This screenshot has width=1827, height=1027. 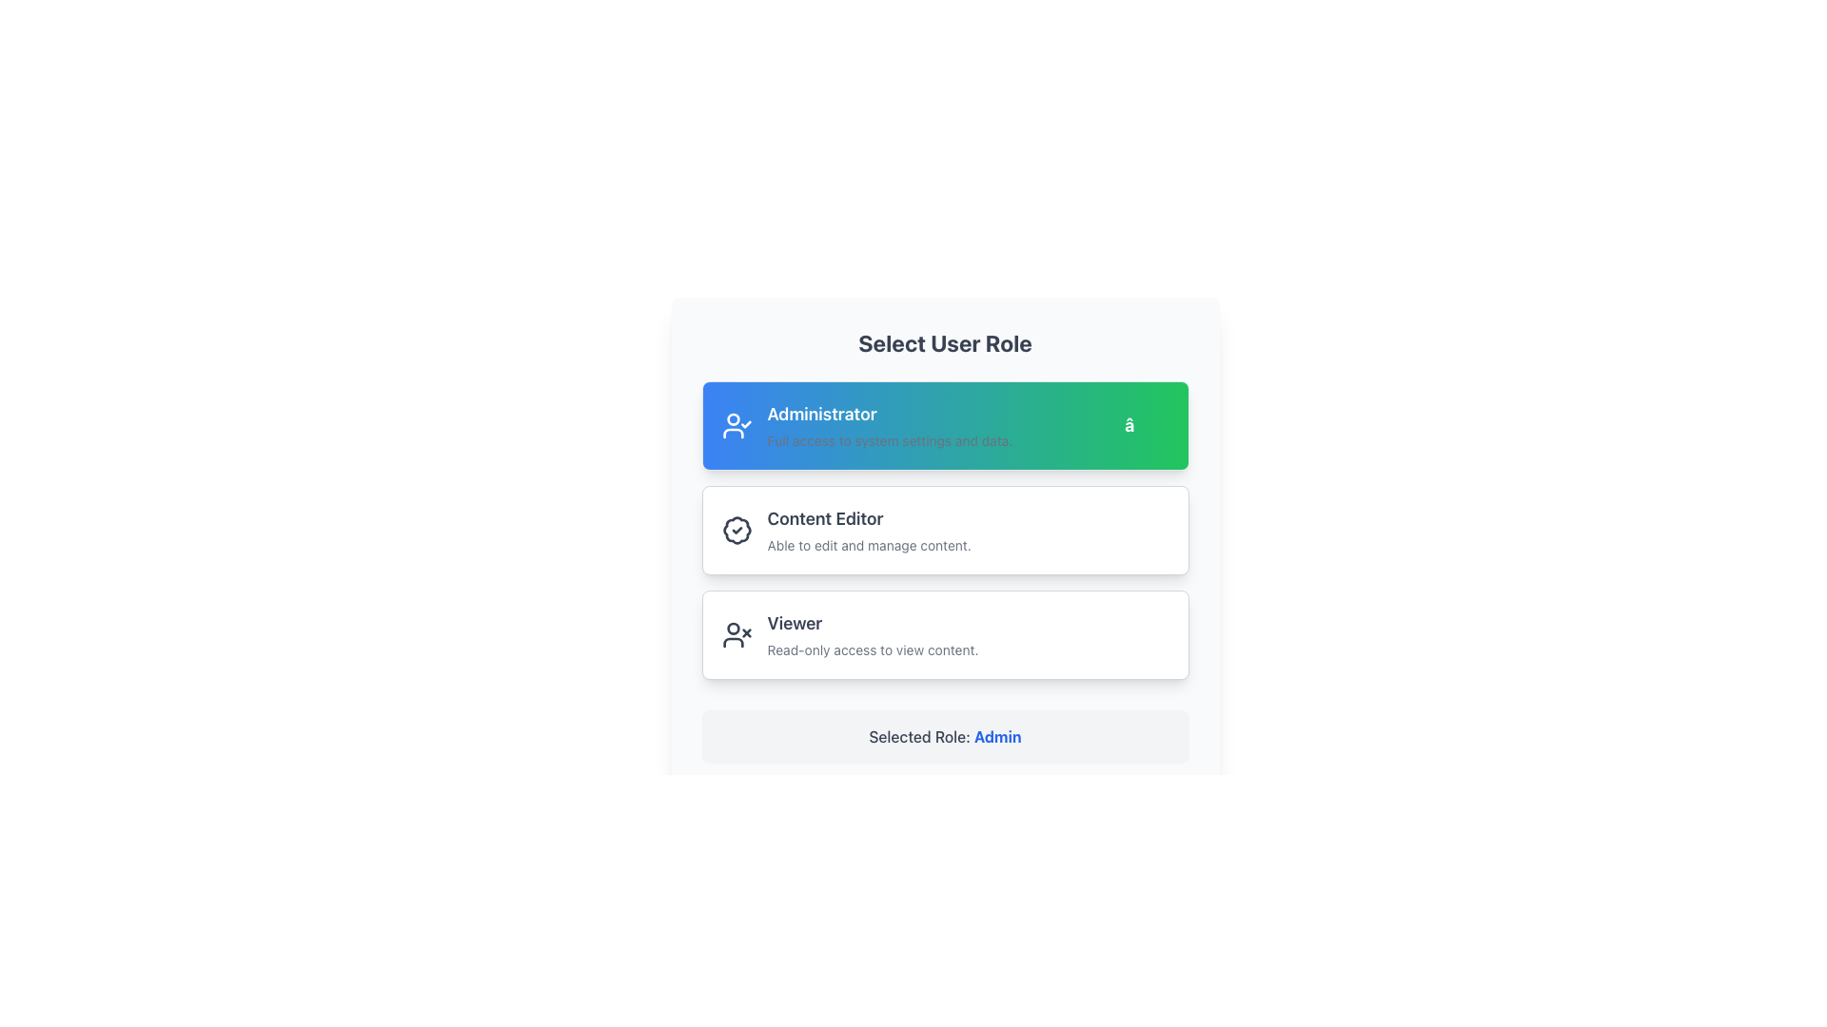 What do you see at coordinates (736, 531) in the screenshot?
I see `intricate circular badge design within the 'Content Editor' UI option, which is the second option in a vertical list of user roles` at bounding box center [736, 531].